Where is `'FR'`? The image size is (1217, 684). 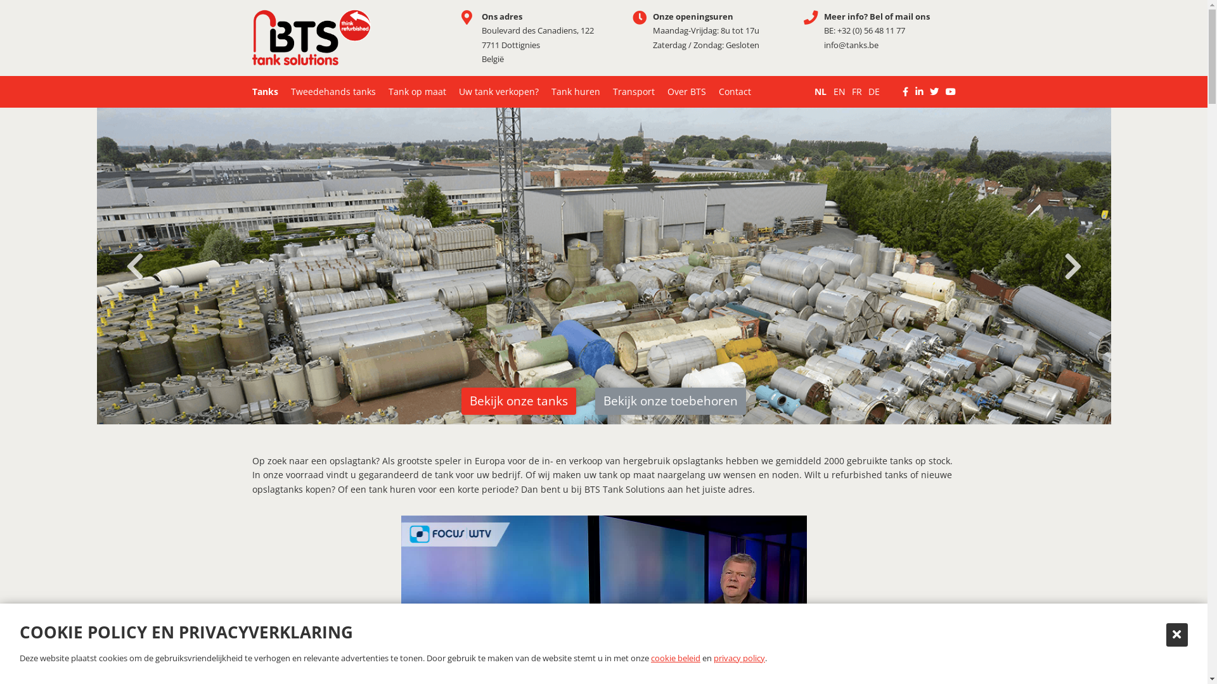 'FR' is located at coordinates (852, 91).